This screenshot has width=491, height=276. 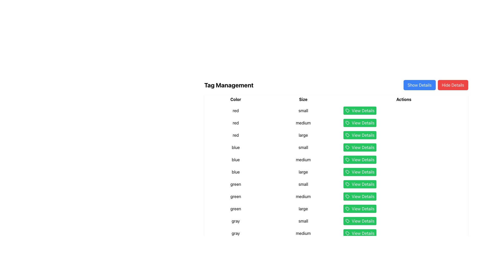 I want to click on the text label displaying 'medium' in the middle column labeled 'Size' of the table, so click(x=303, y=196).